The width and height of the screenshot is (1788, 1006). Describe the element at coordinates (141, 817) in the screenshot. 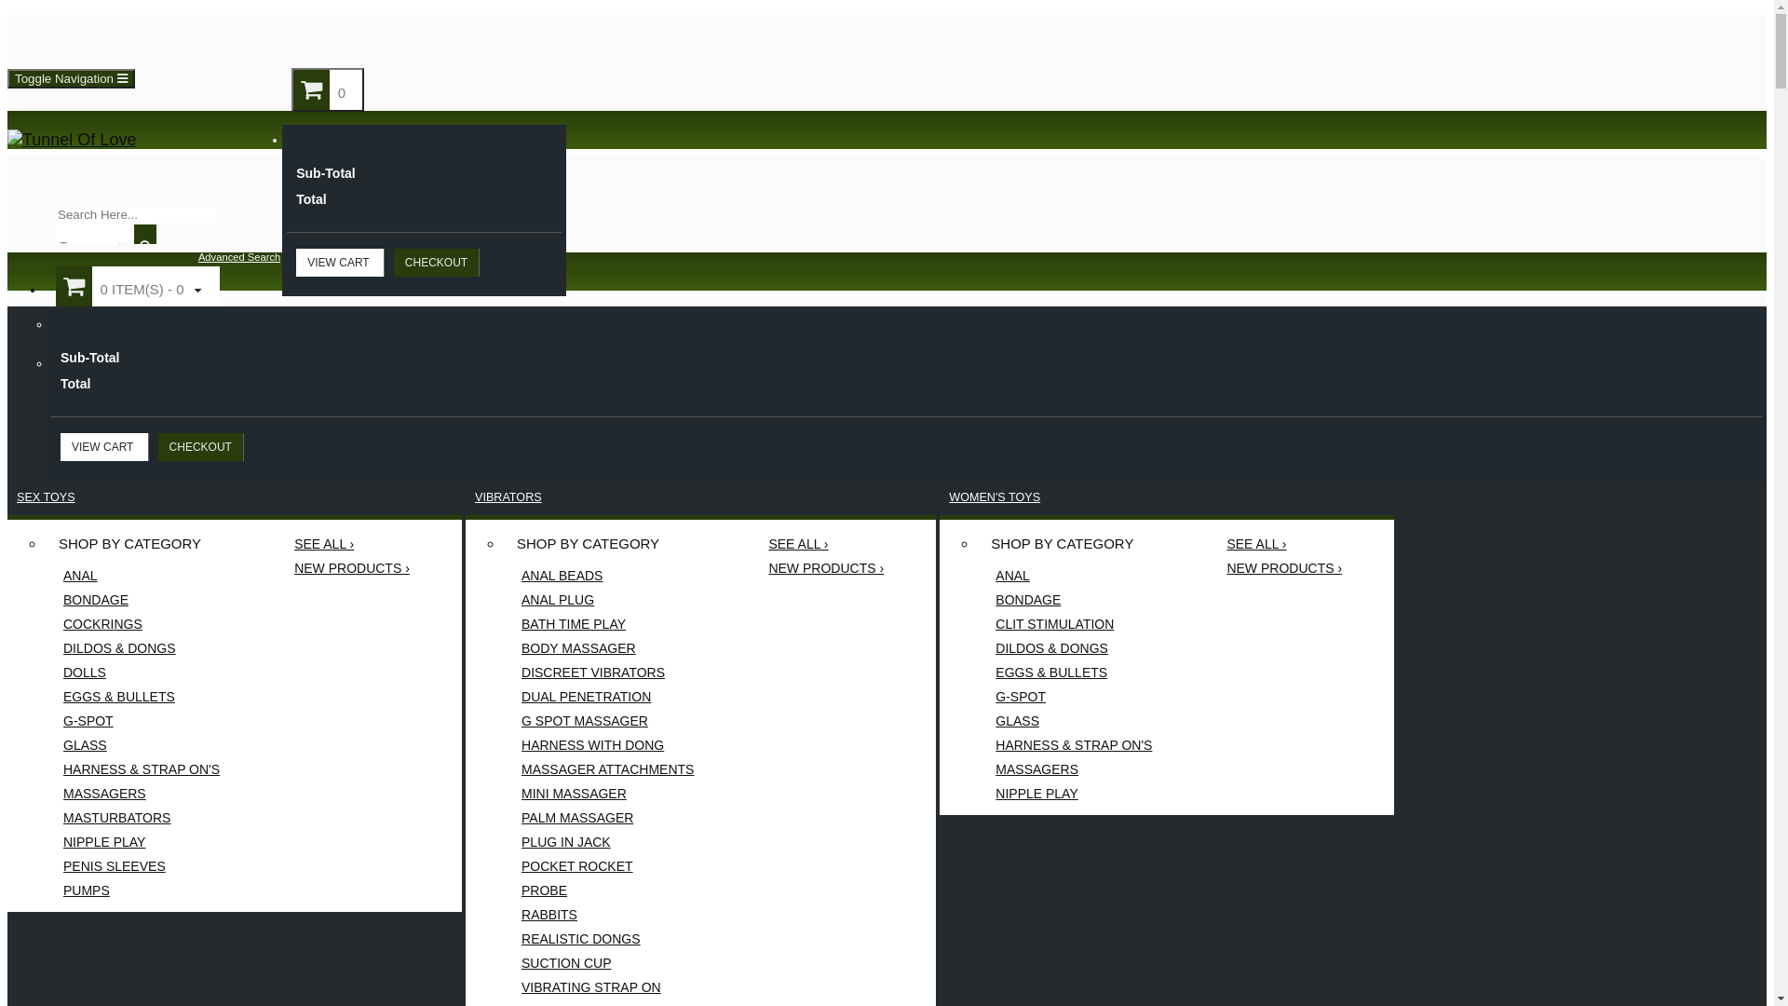

I see `'MASTURBATORS'` at that location.